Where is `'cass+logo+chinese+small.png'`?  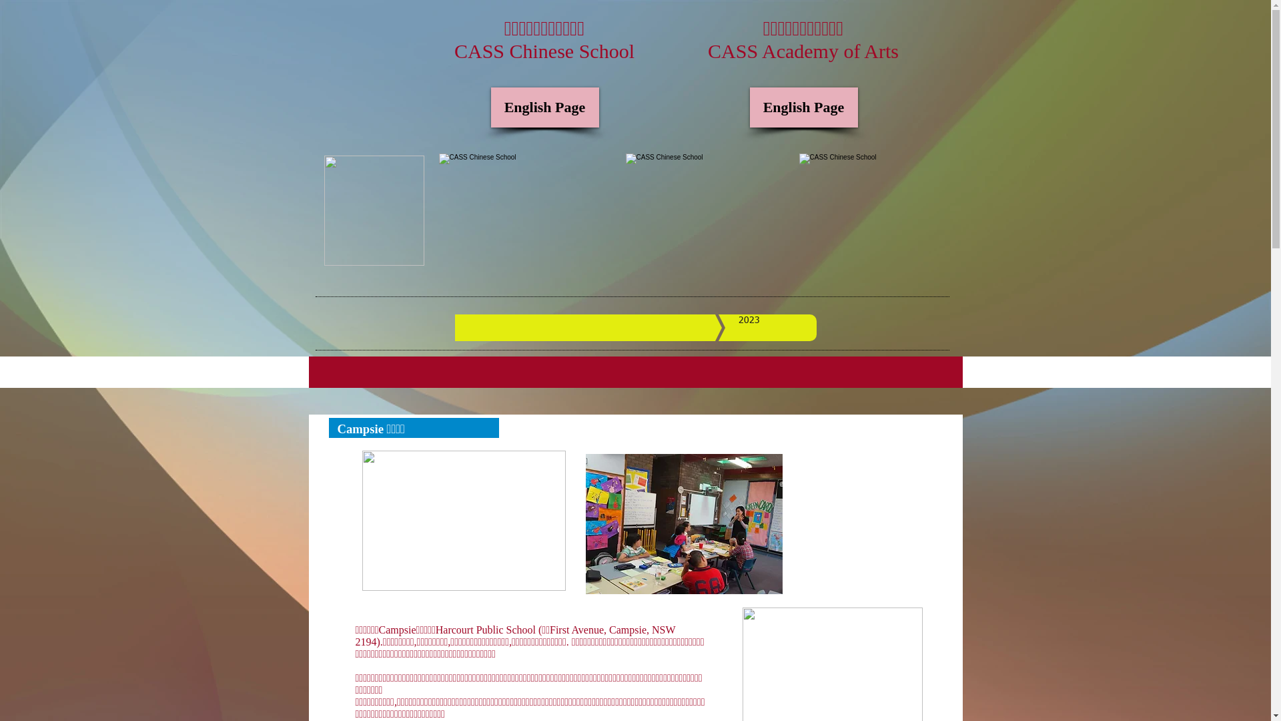 'cass+logo+chinese+small.png' is located at coordinates (374, 210).